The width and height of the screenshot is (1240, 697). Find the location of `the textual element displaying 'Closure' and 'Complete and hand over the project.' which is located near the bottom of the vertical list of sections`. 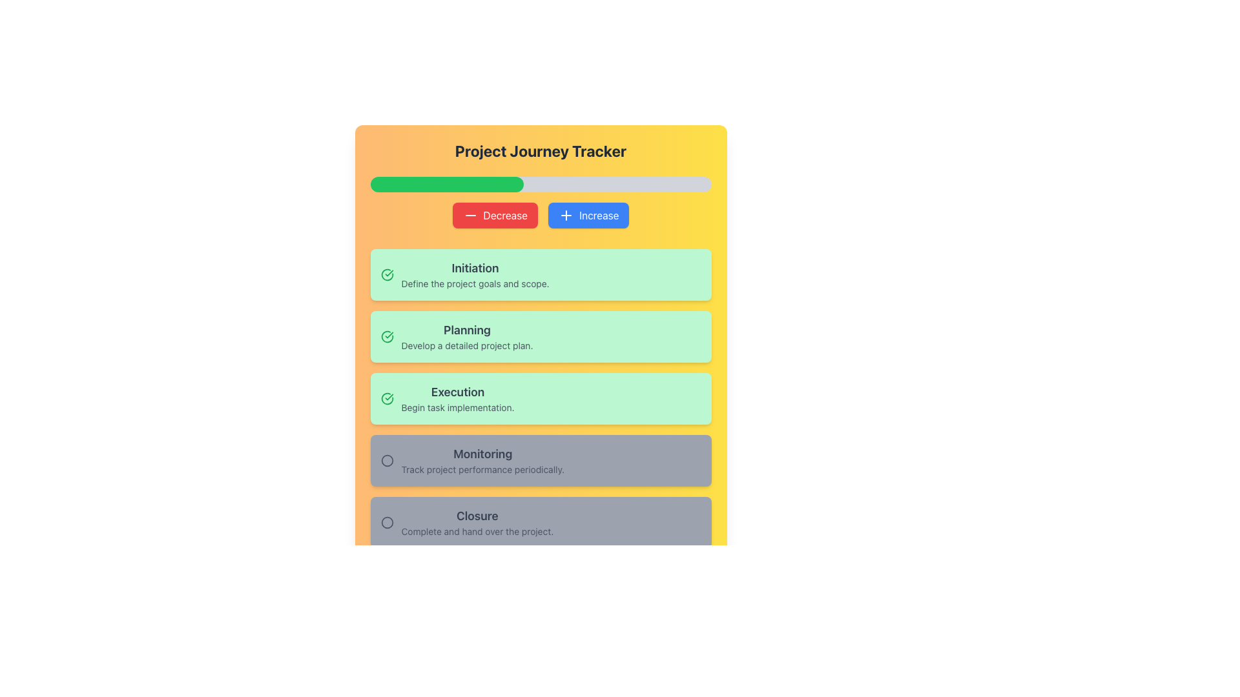

the textual element displaying 'Closure' and 'Complete and hand over the project.' which is located near the bottom of the vertical list of sections is located at coordinates (477, 523).